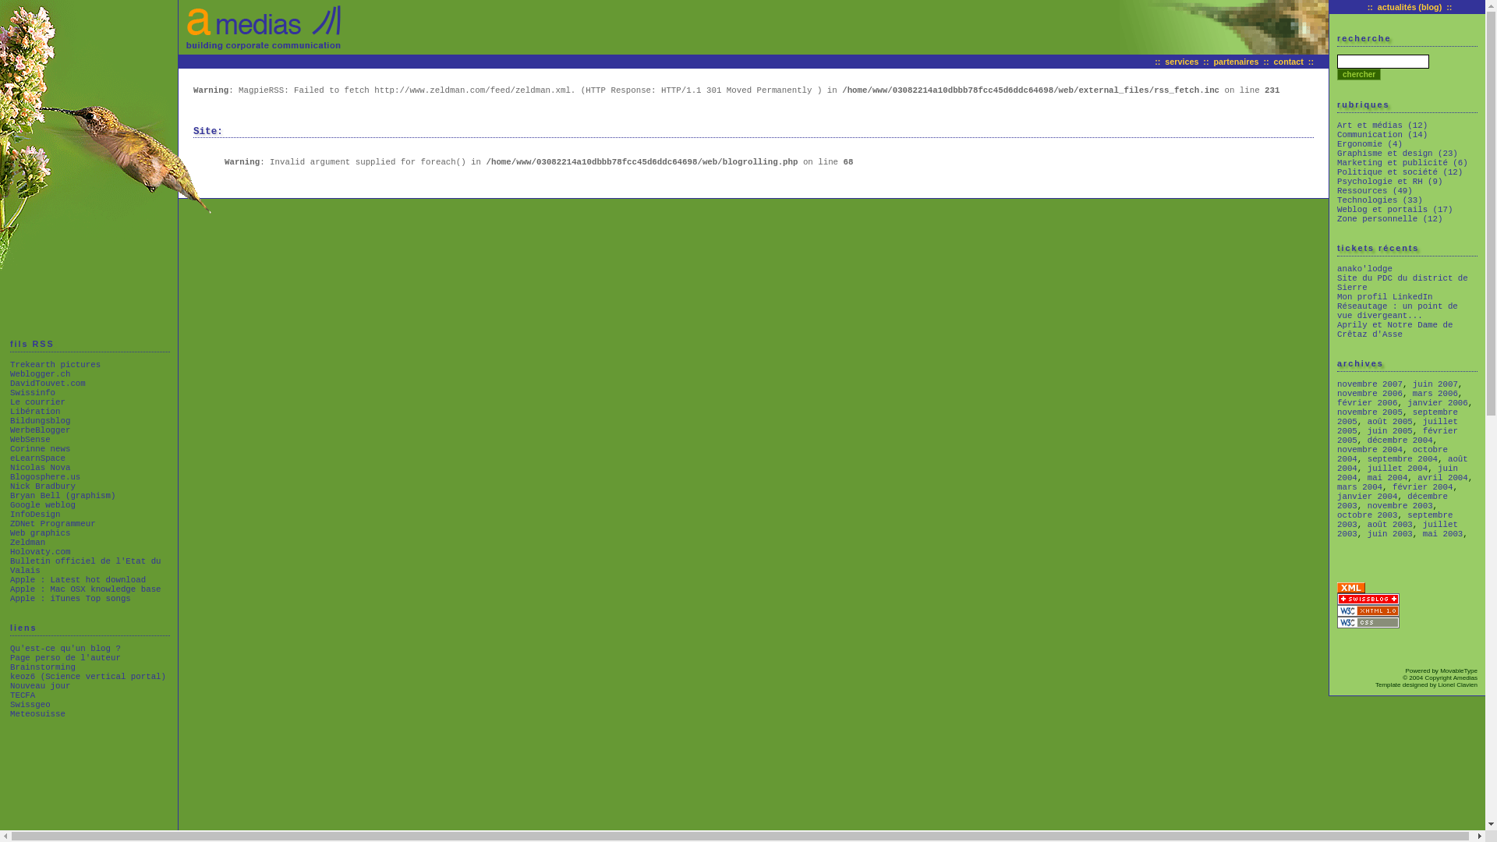  What do you see at coordinates (1368, 411) in the screenshot?
I see `'novembre 2005'` at bounding box center [1368, 411].